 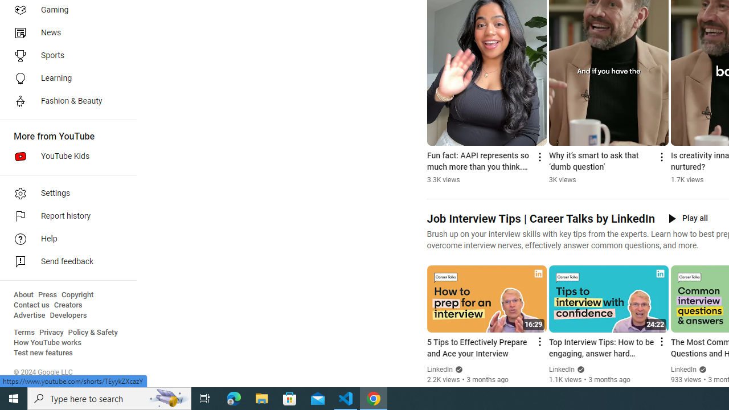 What do you see at coordinates (93, 333) in the screenshot?
I see `'Policy & Safety'` at bounding box center [93, 333].